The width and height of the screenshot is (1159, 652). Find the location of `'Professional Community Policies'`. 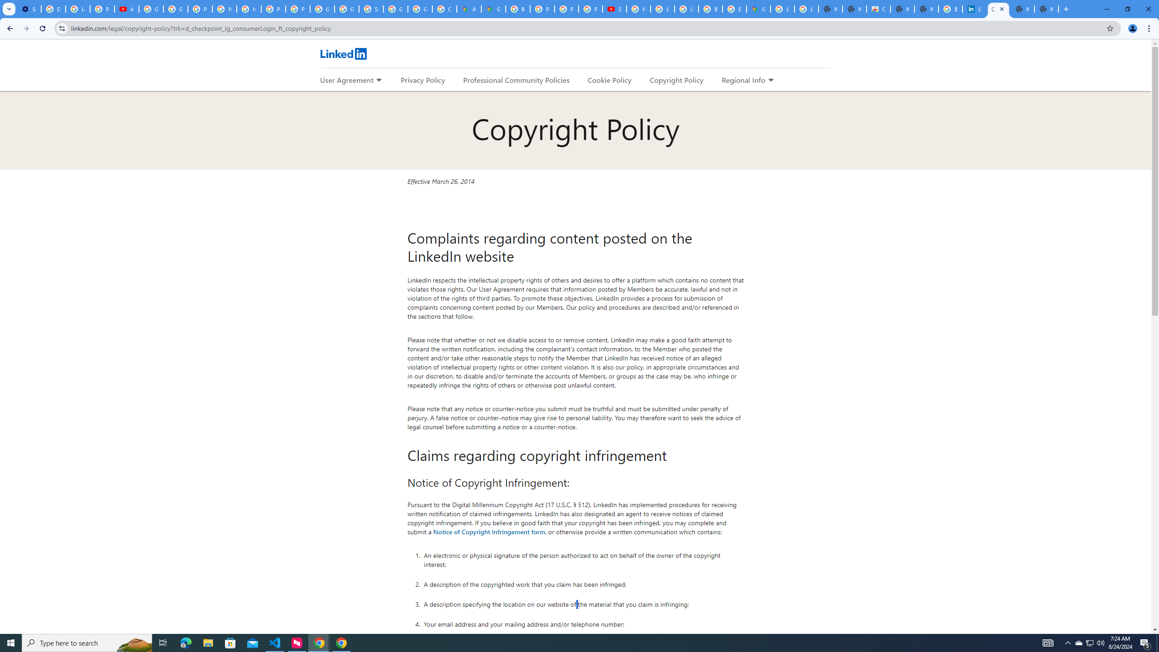

'Professional Community Policies' is located at coordinates (517, 80).